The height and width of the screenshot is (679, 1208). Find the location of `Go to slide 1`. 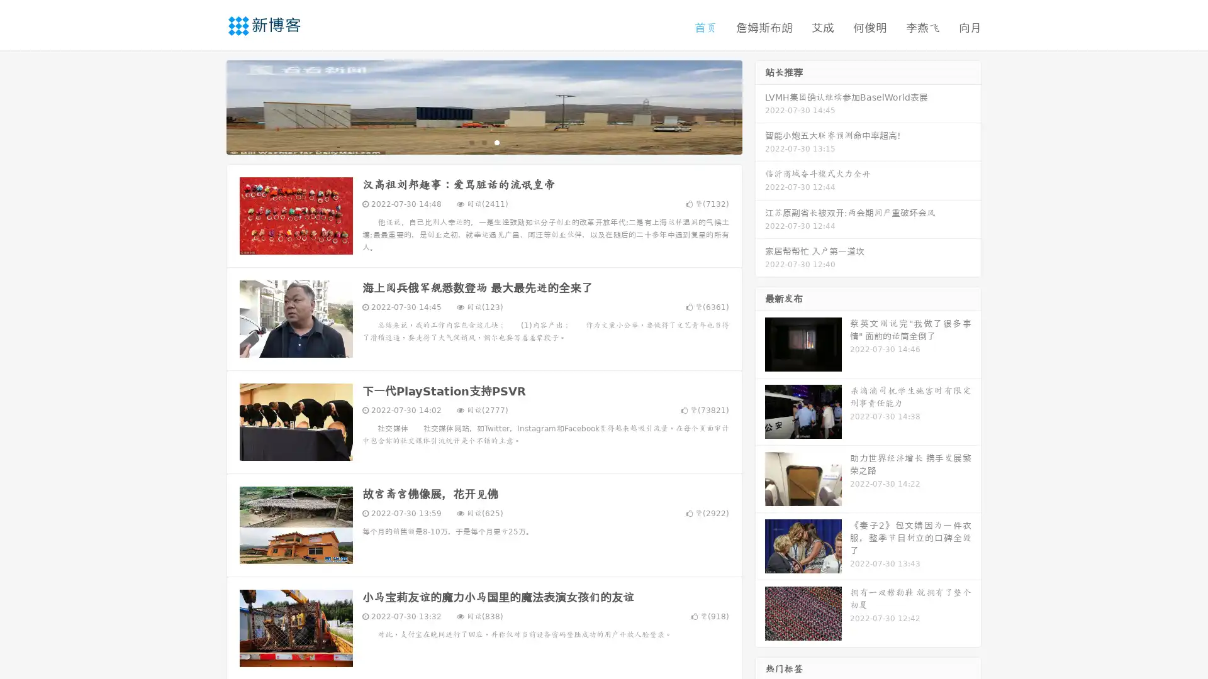

Go to slide 1 is located at coordinates (471, 141).